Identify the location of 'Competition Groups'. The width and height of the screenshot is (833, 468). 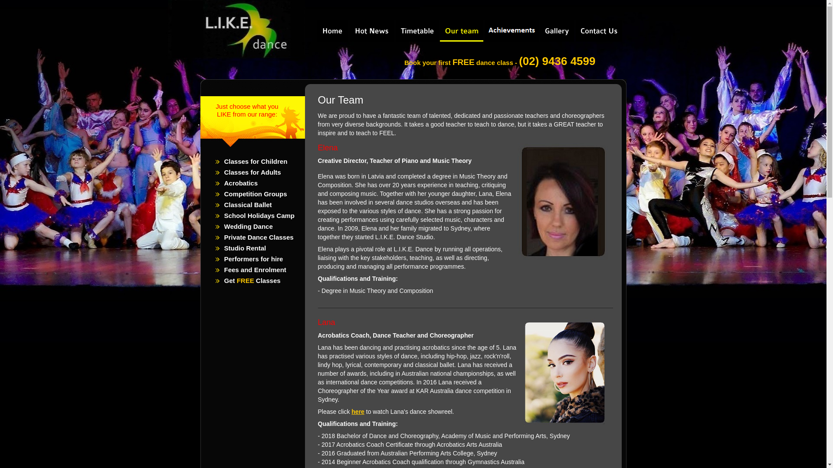
(255, 193).